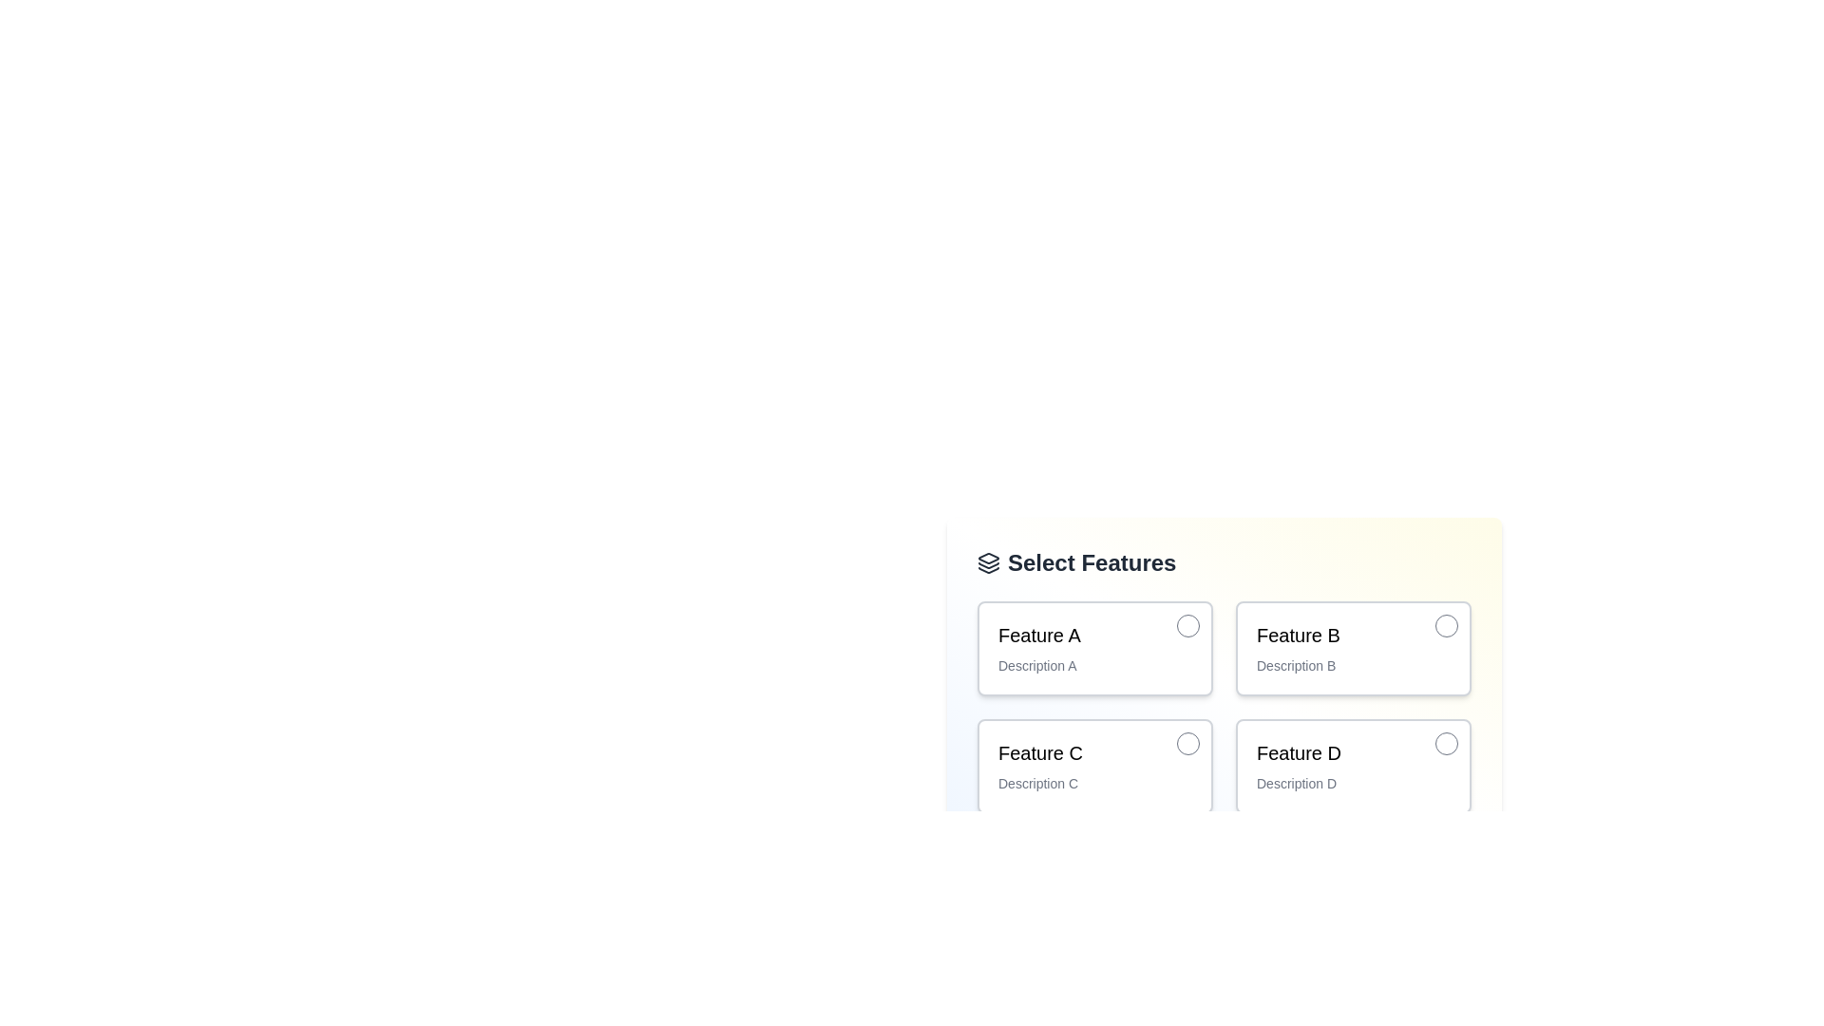 Image resolution: width=1824 pixels, height=1026 pixels. I want to click on the icon that represents layers or hierarchy, located to the left of the 'Select Features' title section, so click(988, 562).